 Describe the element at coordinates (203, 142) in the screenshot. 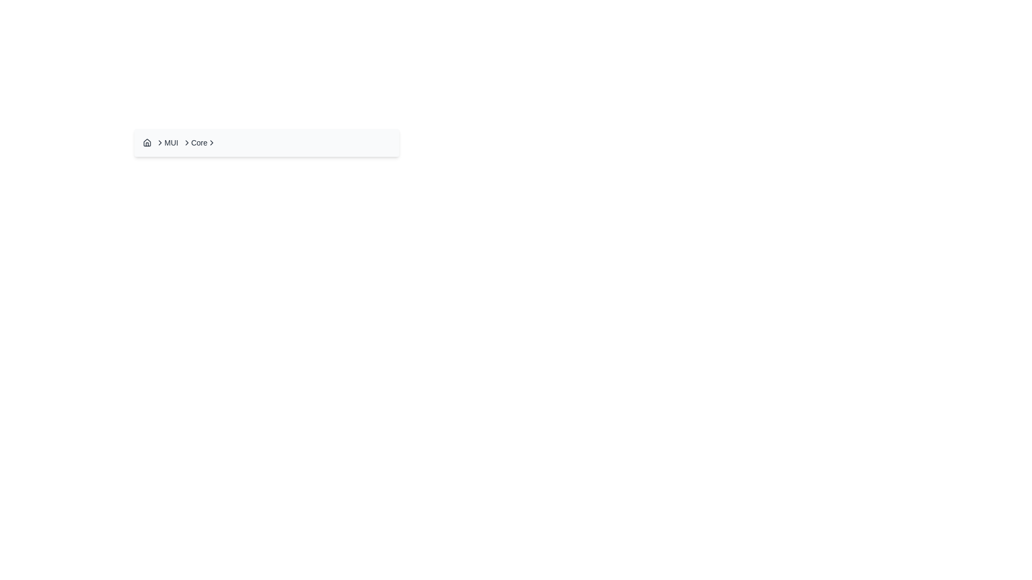

I see `the 'Core' breadcrumb link in the breadcrumb navigation interface` at that location.